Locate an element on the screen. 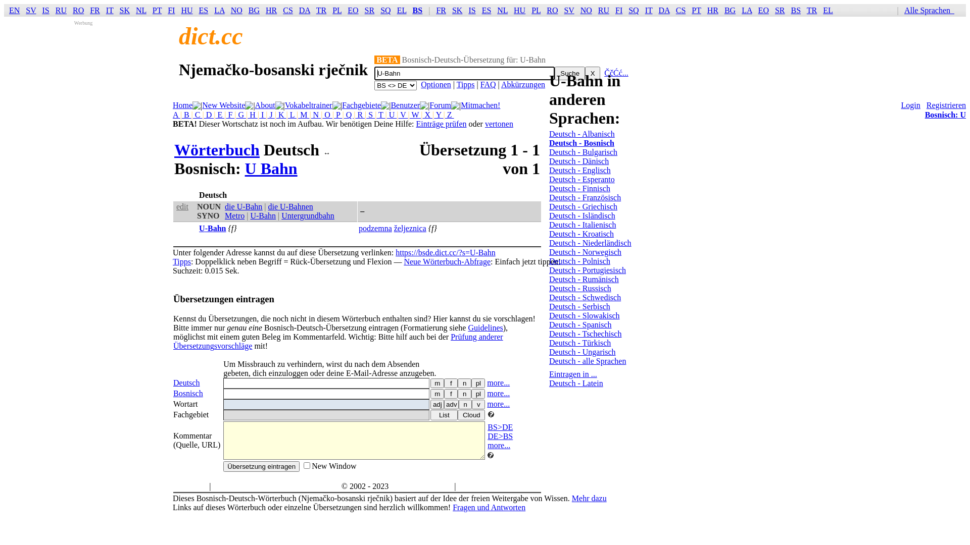  'Deutsch - Englisch' is located at coordinates (579, 170).